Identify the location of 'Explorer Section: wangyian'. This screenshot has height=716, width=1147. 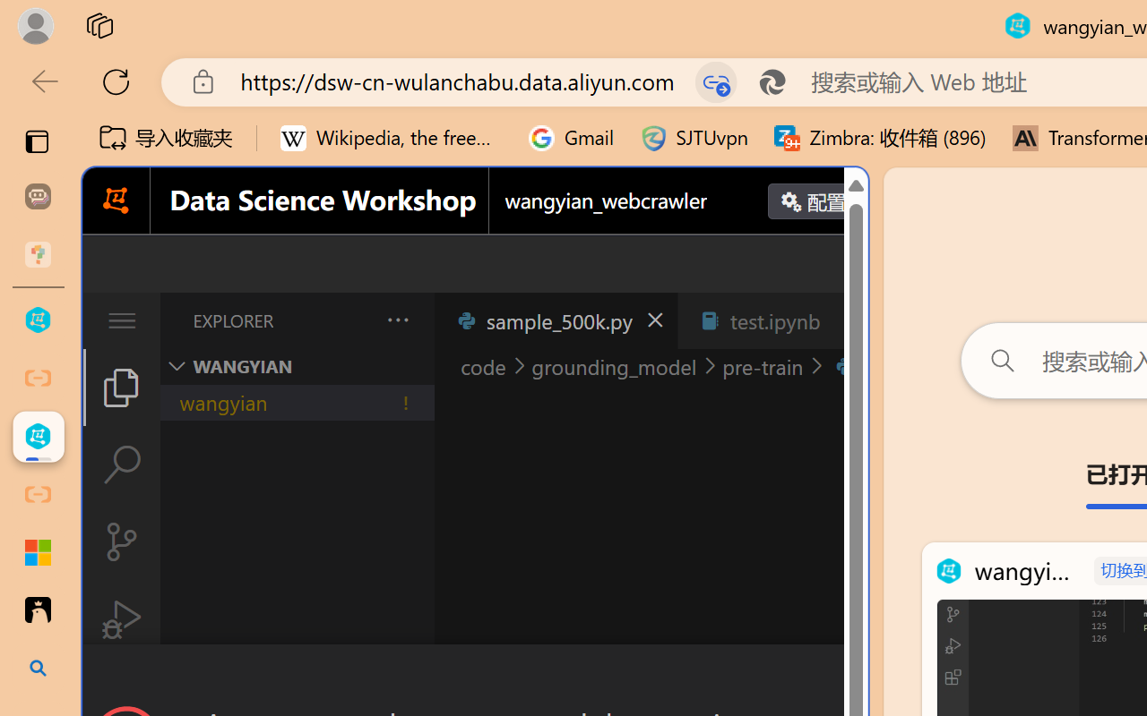
(297, 366).